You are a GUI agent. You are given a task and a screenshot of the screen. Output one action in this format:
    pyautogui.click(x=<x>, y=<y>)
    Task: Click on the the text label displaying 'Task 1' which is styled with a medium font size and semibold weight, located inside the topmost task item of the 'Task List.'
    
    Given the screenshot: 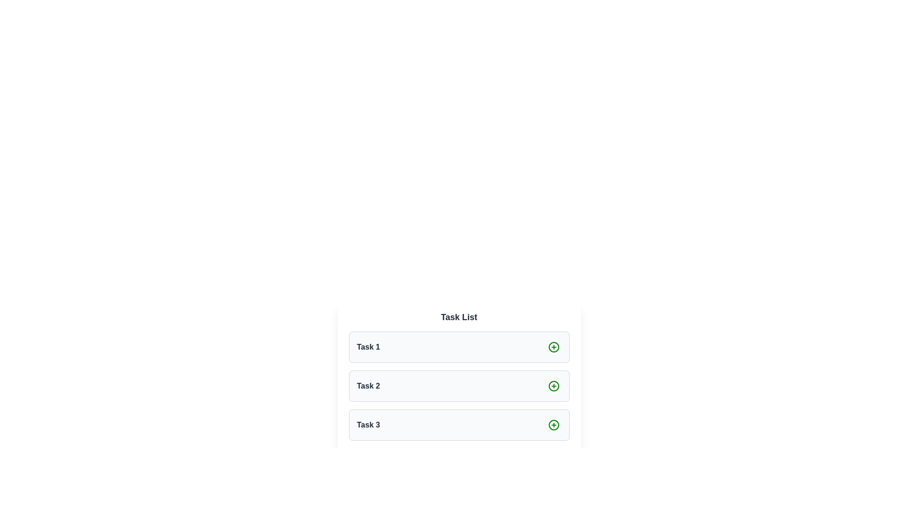 What is the action you would take?
    pyautogui.click(x=368, y=347)
    